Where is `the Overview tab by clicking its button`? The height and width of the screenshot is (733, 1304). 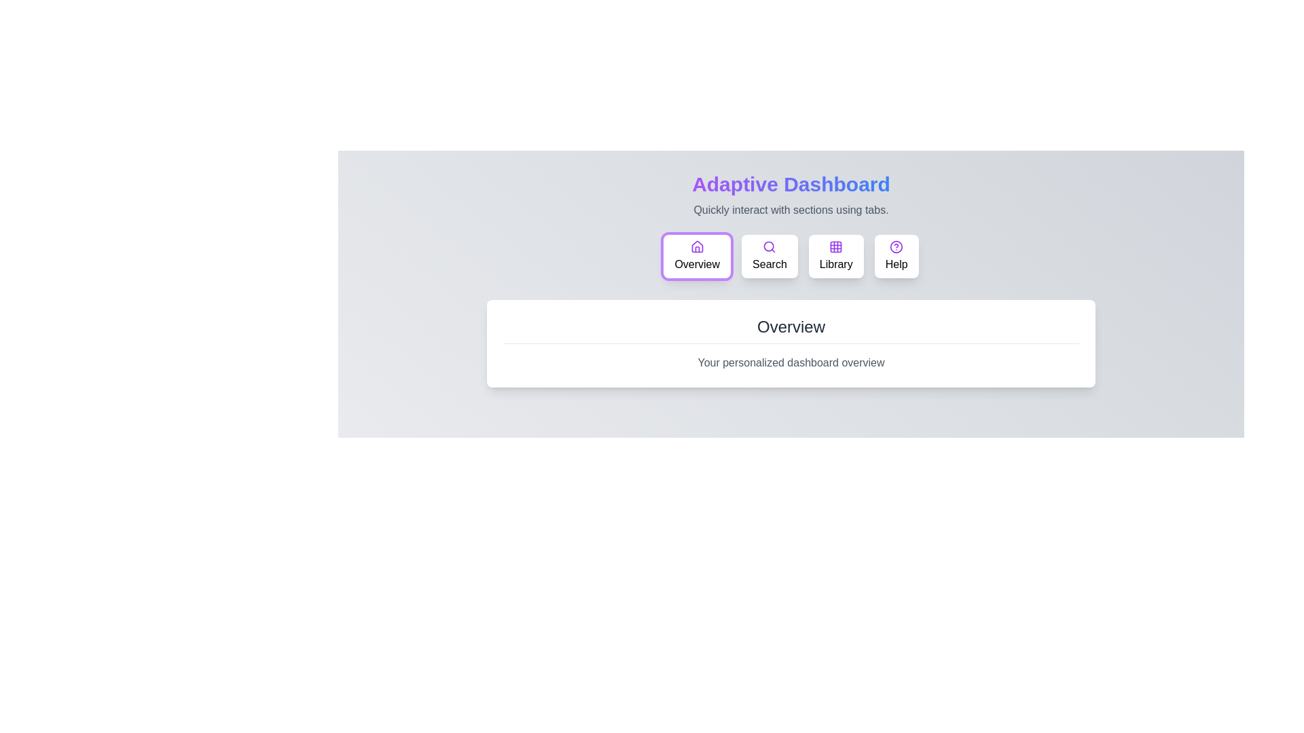
the Overview tab by clicking its button is located at coordinates (697, 257).